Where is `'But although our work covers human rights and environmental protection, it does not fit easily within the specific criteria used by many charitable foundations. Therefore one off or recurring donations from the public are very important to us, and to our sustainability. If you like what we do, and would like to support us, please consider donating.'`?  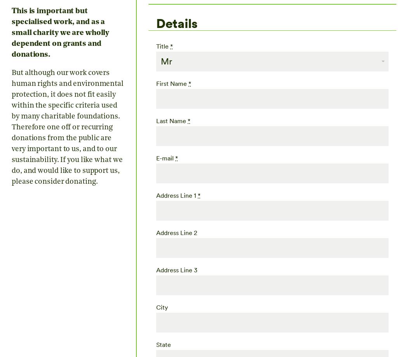 'But although our work covers human rights and environmental protection, it does not fit easily within the specific criteria used by many charitable foundations. Therefore one off or recurring donations from the public are very important to us, and to our sustainability. If you like what we do, and would like to support us, please consider donating.' is located at coordinates (67, 127).